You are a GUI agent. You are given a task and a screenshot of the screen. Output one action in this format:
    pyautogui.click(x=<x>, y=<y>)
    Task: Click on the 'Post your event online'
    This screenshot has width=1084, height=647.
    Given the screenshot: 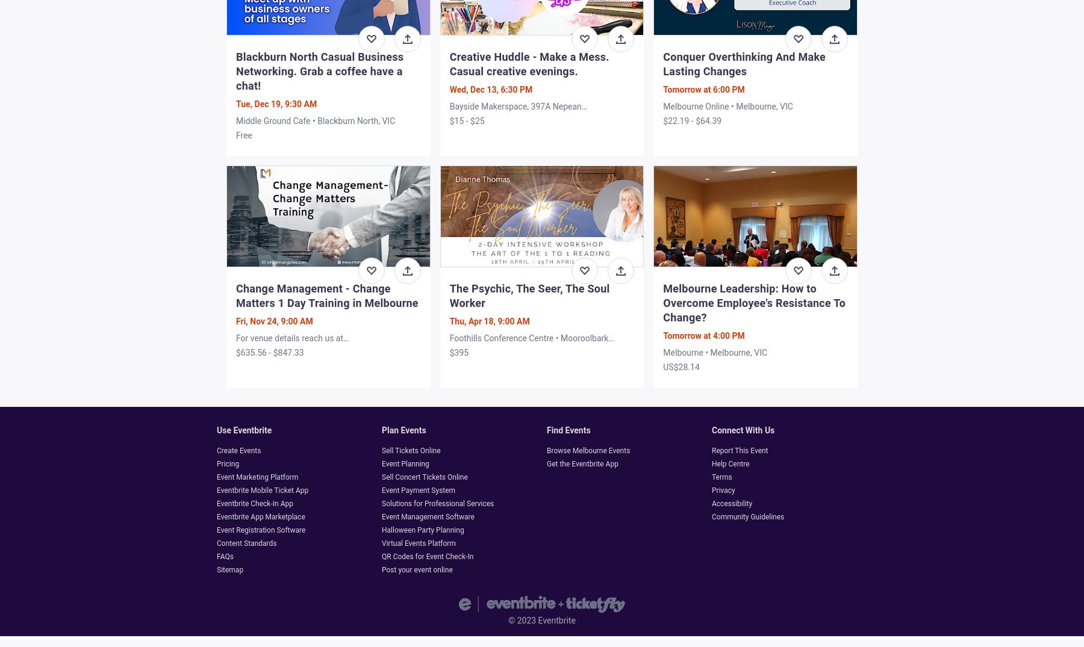 What is the action you would take?
    pyautogui.click(x=416, y=569)
    